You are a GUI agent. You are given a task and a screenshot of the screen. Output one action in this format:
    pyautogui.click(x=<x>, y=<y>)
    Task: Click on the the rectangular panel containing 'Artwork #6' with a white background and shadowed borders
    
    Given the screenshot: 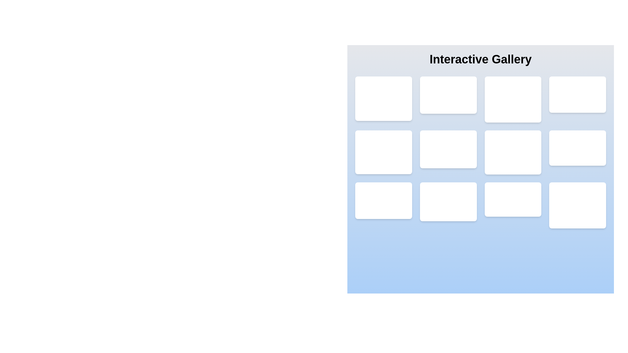 What is the action you would take?
    pyautogui.click(x=448, y=149)
    